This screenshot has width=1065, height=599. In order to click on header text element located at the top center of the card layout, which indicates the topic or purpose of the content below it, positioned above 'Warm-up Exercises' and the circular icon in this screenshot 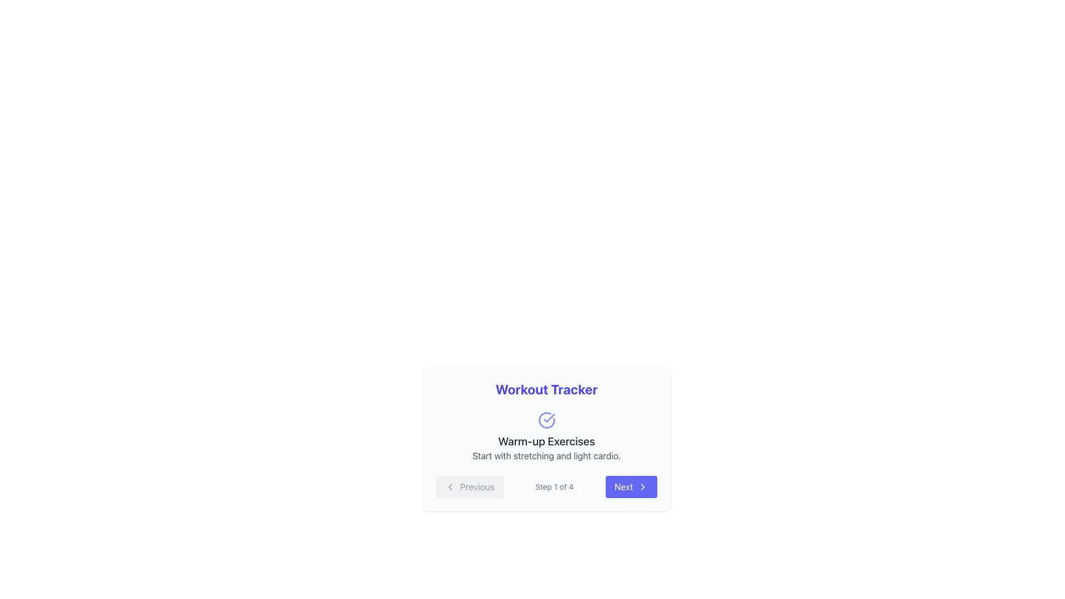, I will do `click(546, 389)`.